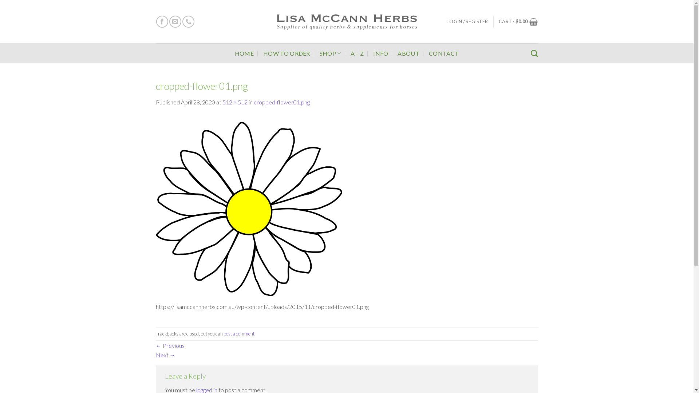 The image size is (699, 393). Describe the element at coordinates (249, 208) in the screenshot. I see `'cropped-flower01.png'` at that location.